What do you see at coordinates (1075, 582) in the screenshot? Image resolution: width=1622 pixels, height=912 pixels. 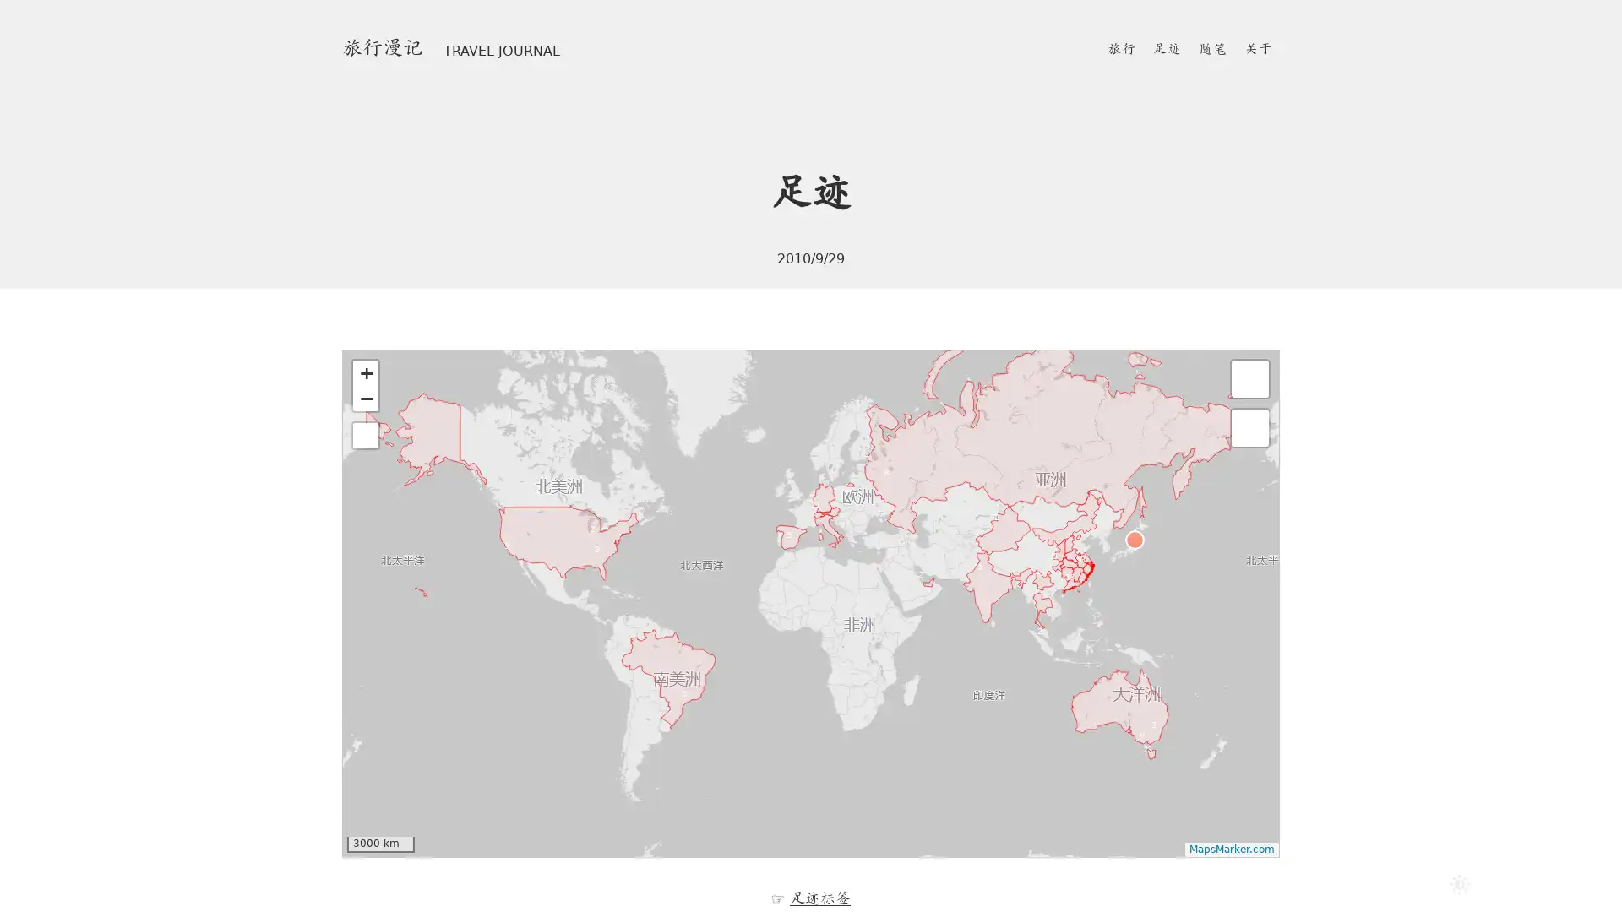 I see `13` at bounding box center [1075, 582].